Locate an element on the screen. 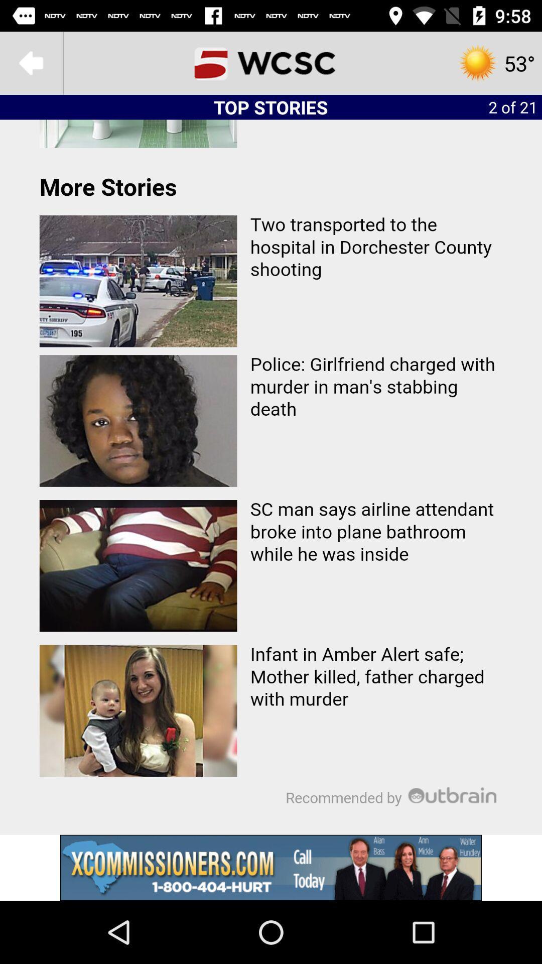 The height and width of the screenshot is (964, 542). the icon above top stories icon is located at coordinates (271, 62).